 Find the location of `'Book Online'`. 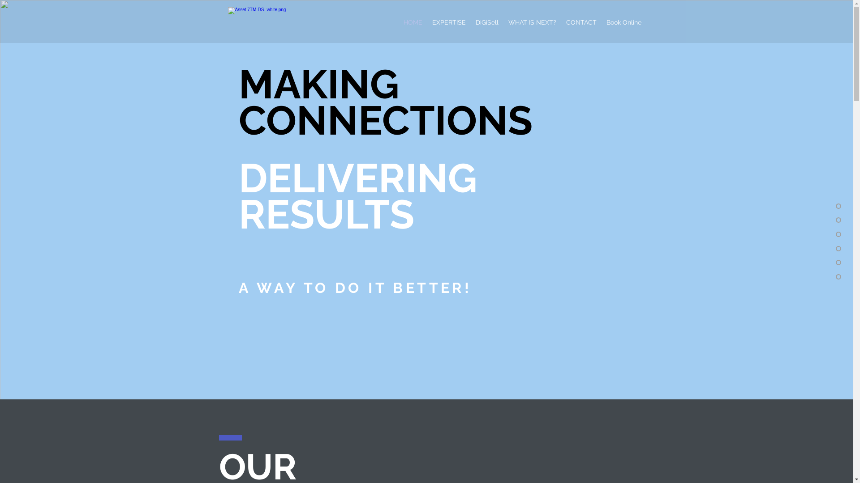

'Book Online' is located at coordinates (601, 22).